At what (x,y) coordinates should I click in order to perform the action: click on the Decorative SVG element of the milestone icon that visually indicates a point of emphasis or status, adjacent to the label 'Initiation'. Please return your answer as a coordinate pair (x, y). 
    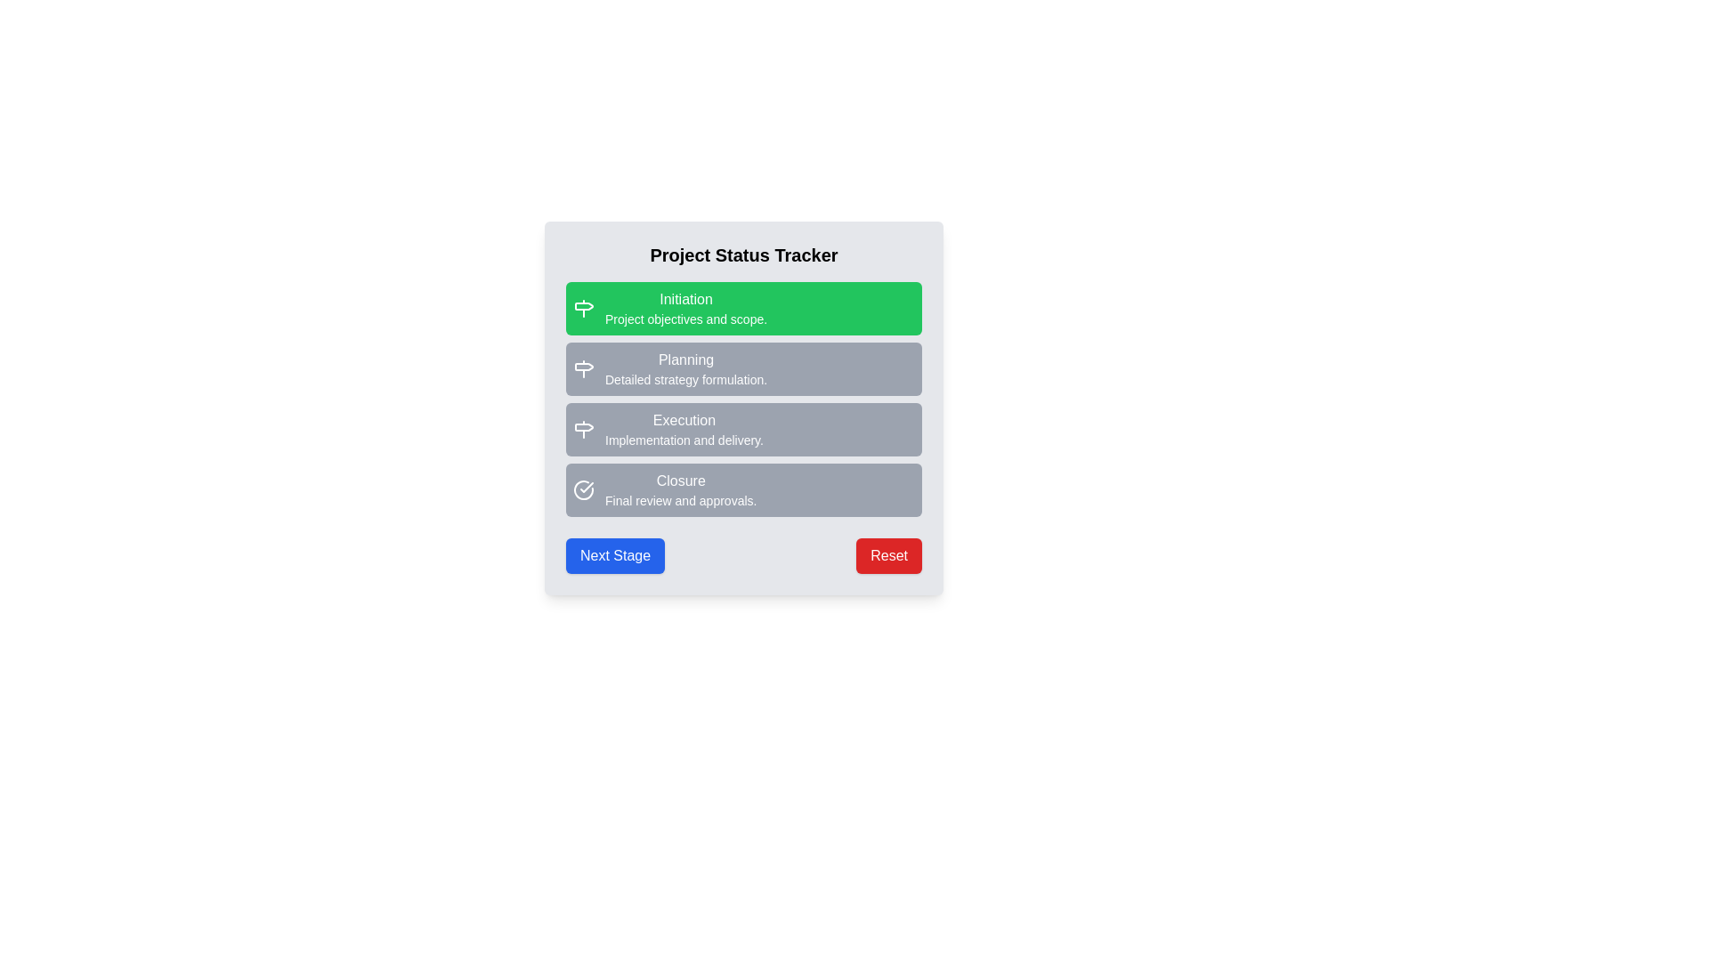
    Looking at the image, I should click on (584, 305).